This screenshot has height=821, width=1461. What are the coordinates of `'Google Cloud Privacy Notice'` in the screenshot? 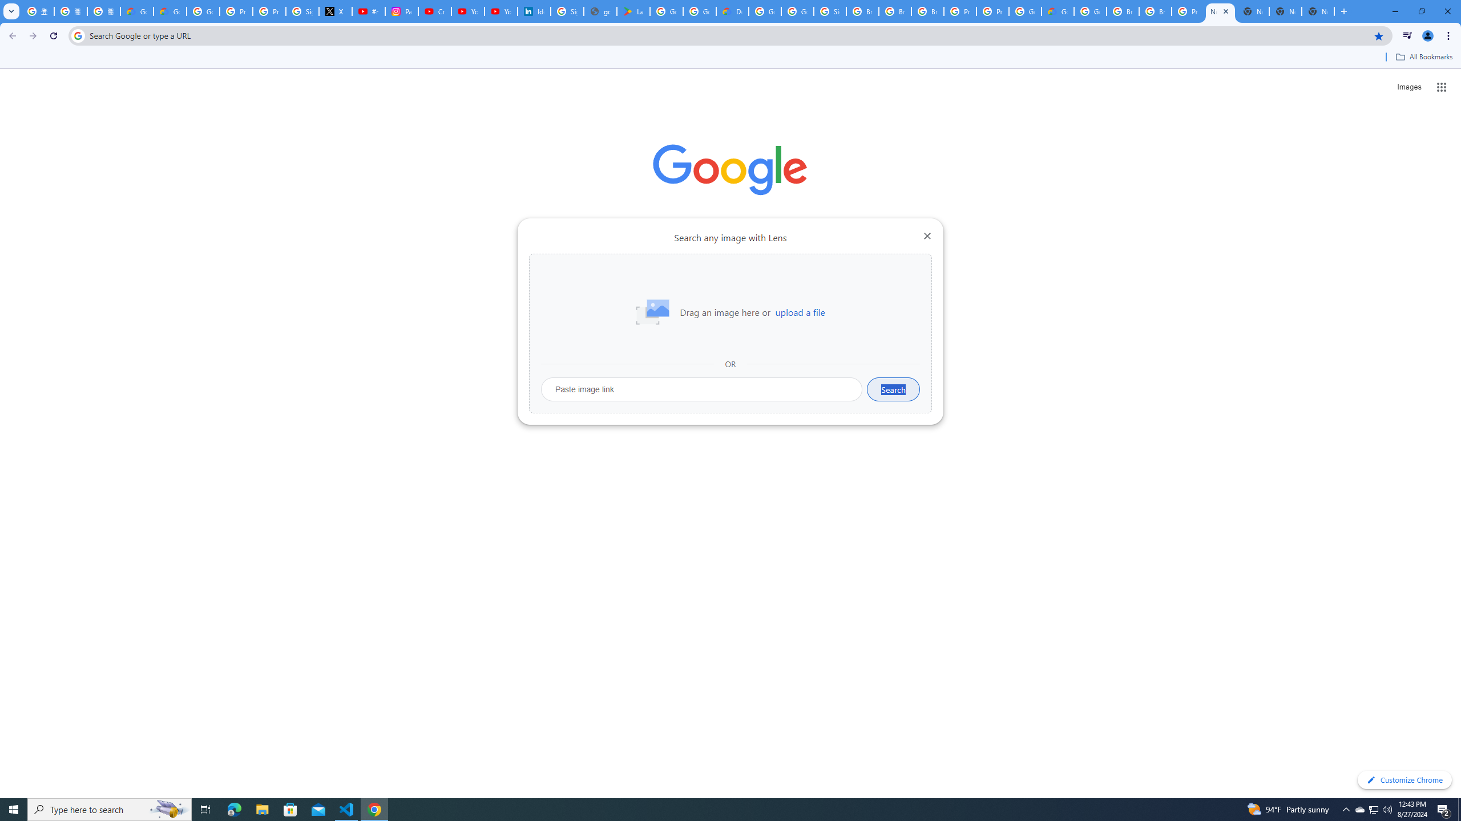 It's located at (169, 11).